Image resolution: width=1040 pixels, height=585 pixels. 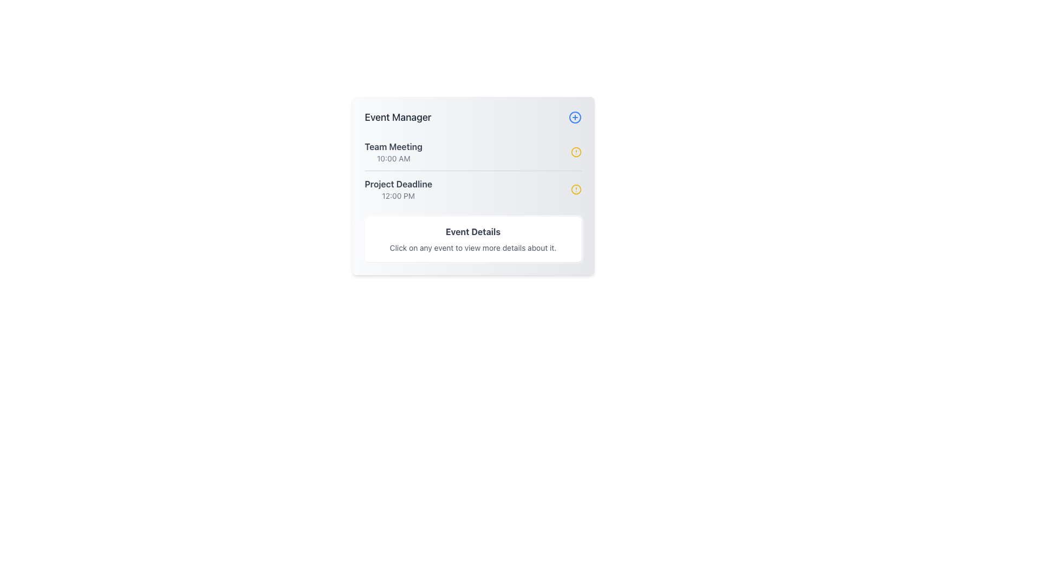 I want to click on the line of text that reads 'Click on any event, so click(x=473, y=248).